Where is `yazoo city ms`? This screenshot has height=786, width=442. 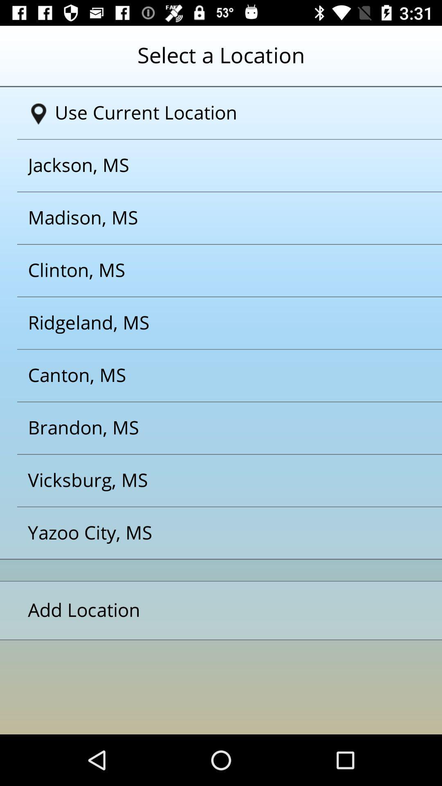
yazoo city ms is located at coordinates (210, 533).